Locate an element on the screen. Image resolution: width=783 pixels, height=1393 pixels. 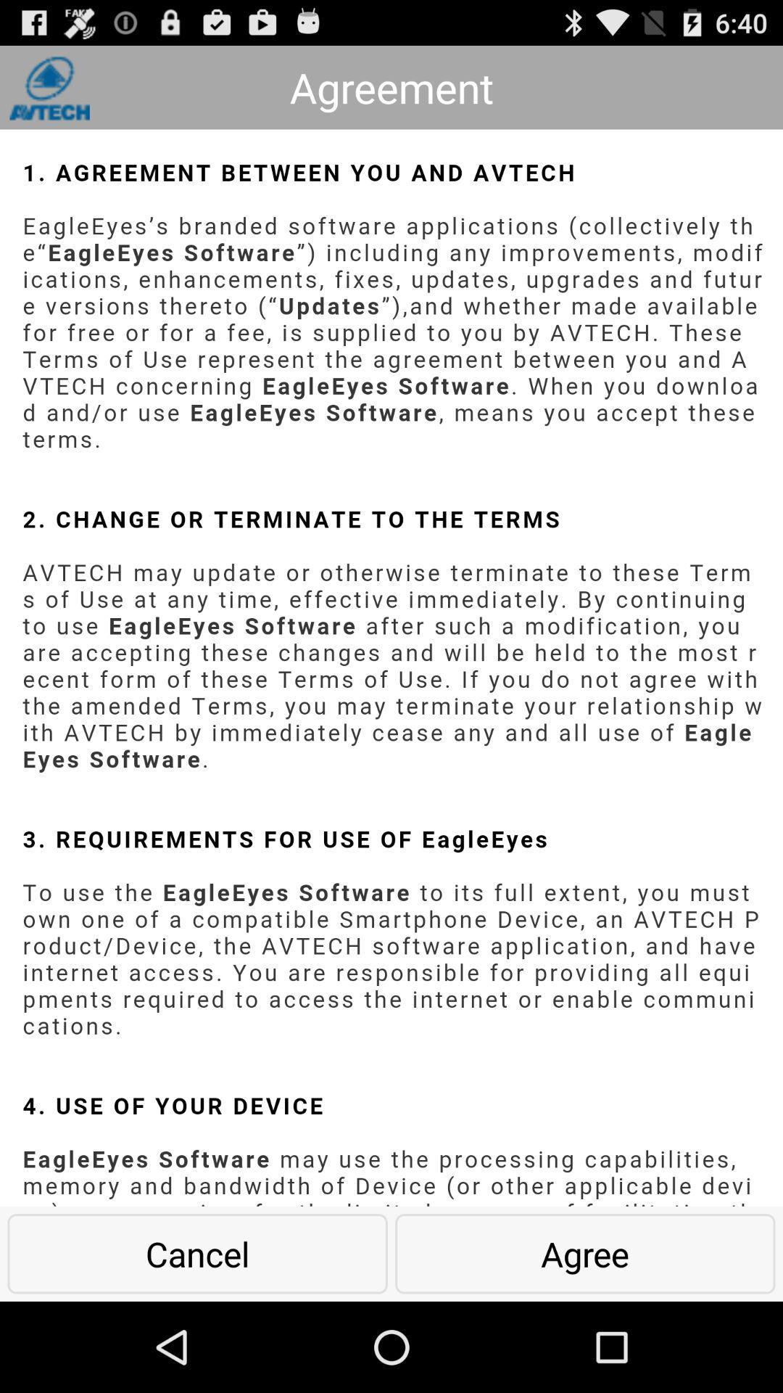
scroll down to read agreement is located at coordinates (391, 667).